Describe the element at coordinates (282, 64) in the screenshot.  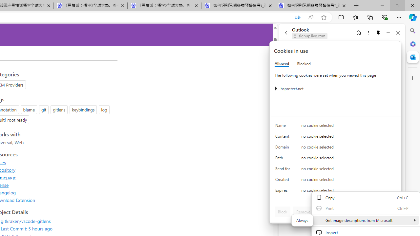
I see `'Allowed'` at that location.